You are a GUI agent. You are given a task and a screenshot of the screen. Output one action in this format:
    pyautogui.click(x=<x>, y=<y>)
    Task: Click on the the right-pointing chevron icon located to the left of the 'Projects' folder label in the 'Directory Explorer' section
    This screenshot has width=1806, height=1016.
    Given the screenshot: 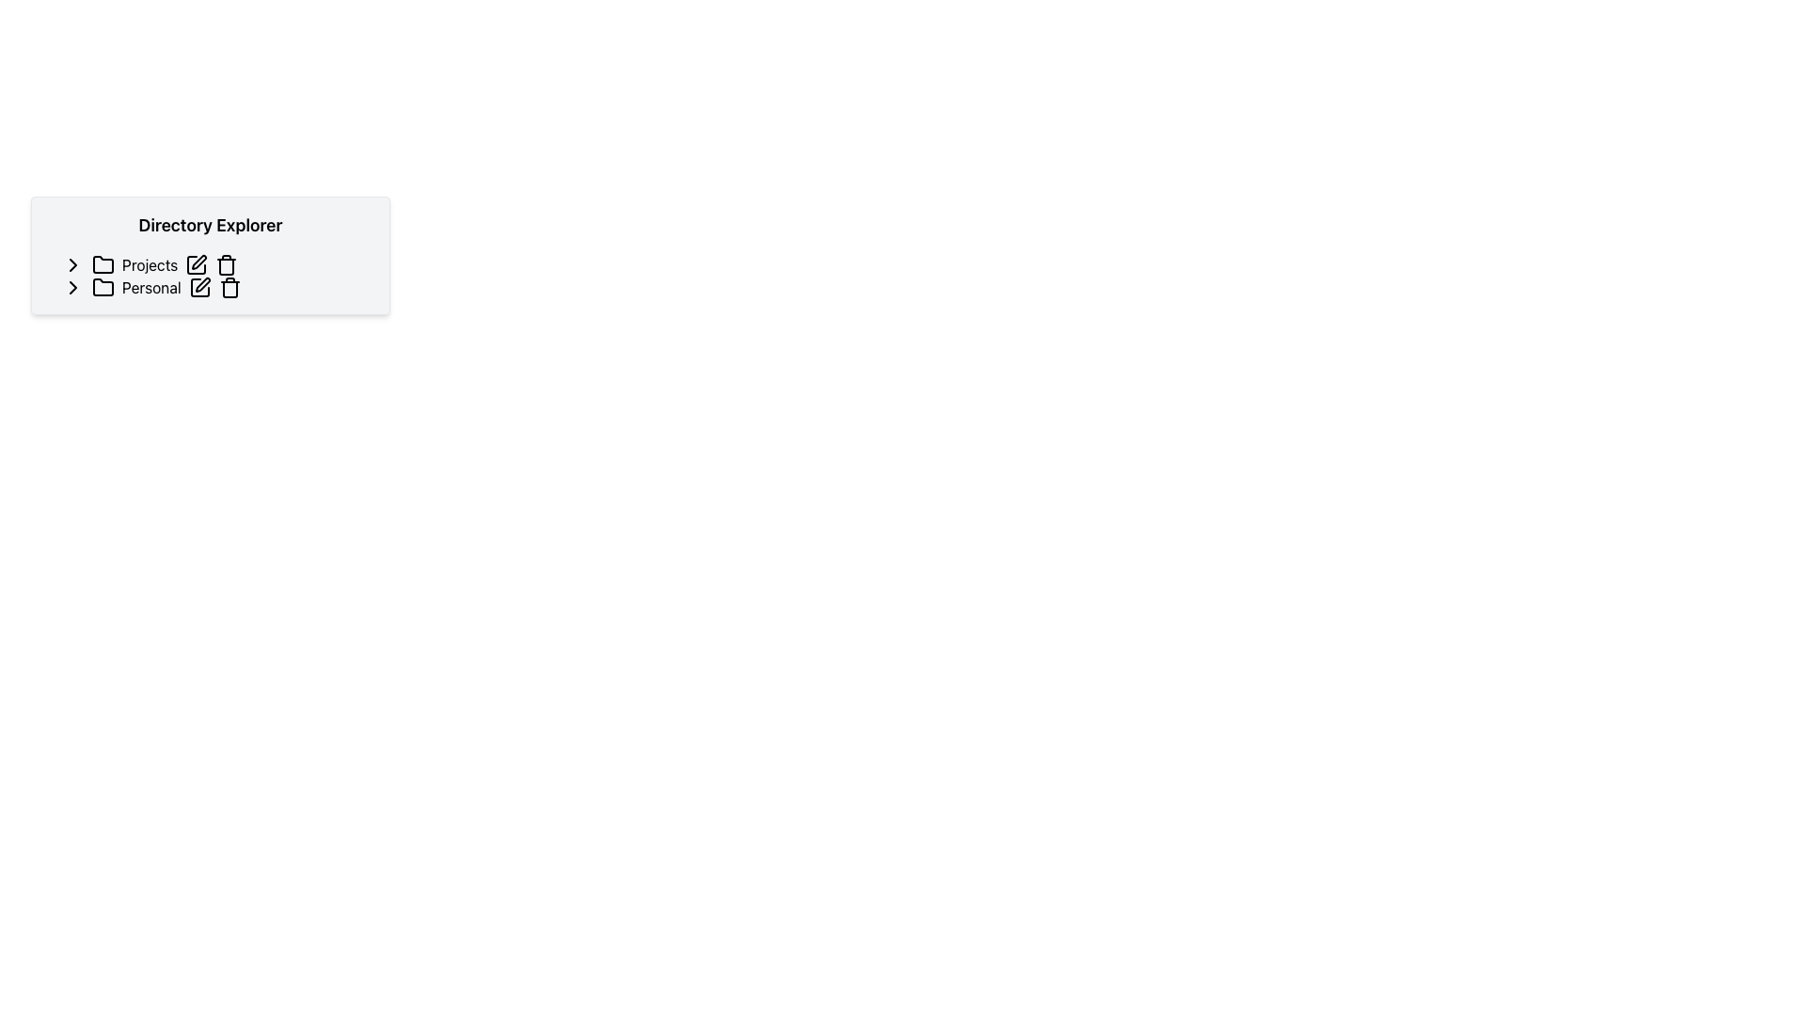 What is the action you would take?
    pyautogui.click(x=72, y=264)
    